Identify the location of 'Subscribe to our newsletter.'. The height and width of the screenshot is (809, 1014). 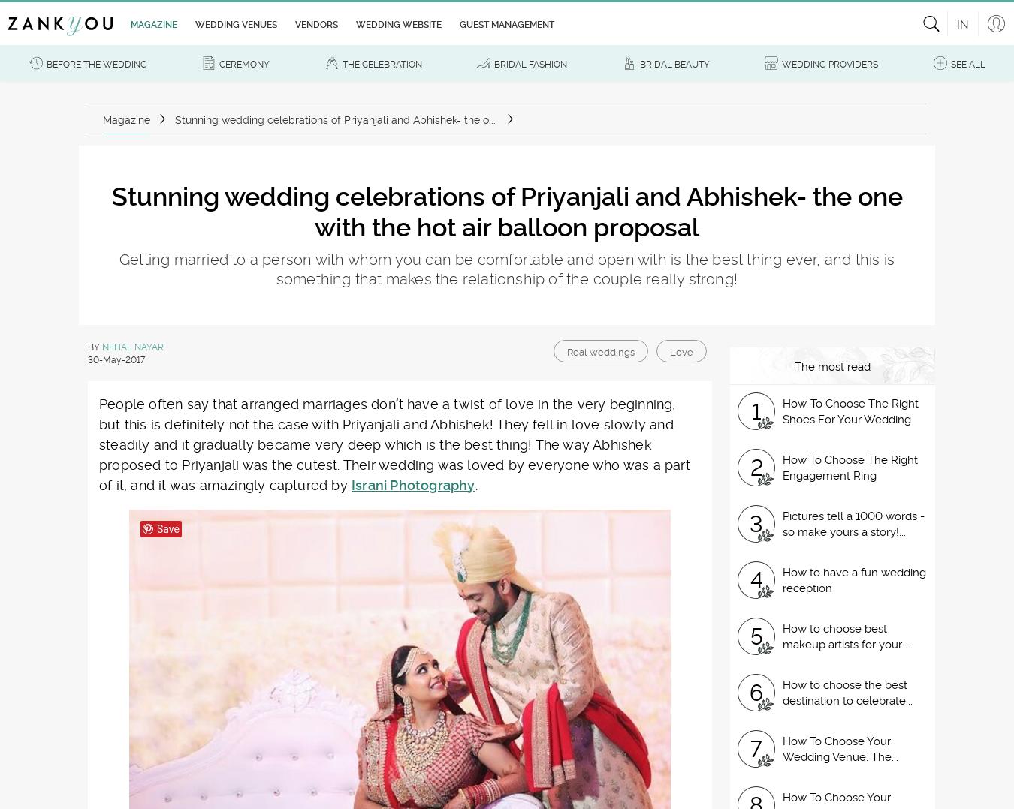
(399, 89).